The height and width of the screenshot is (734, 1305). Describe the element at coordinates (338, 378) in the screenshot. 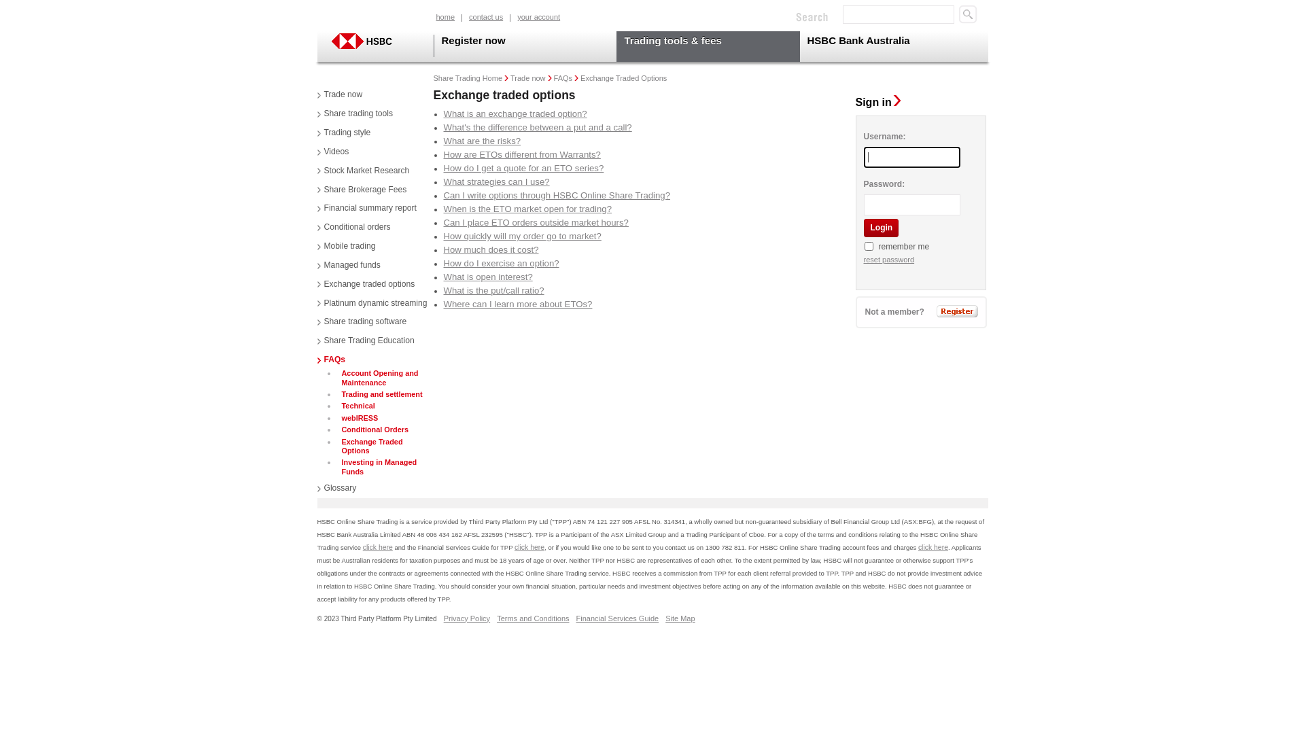

I see `'Account Opening and Maintenance'` at that location.